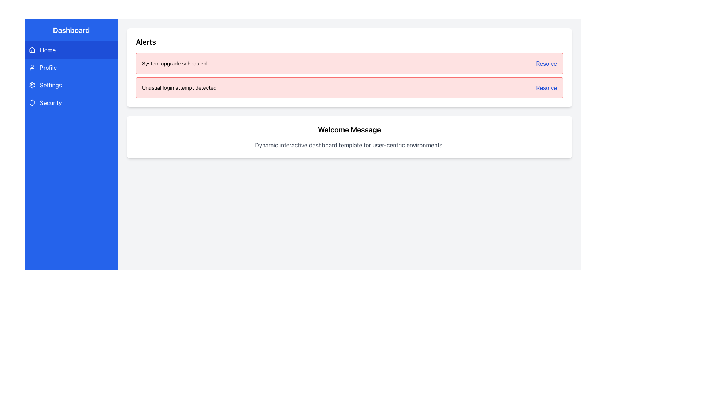 This screenshot has width=703, height=395. I want to click on the 'Settings' text label, which is displayed in white font on a blue background, so click(51, 84).